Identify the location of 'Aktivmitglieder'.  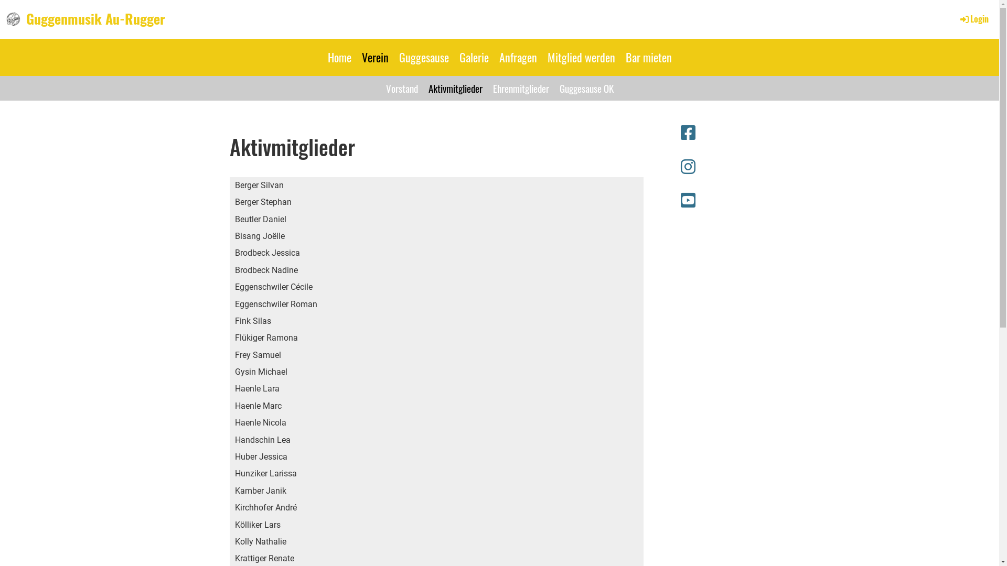
(455, 88).